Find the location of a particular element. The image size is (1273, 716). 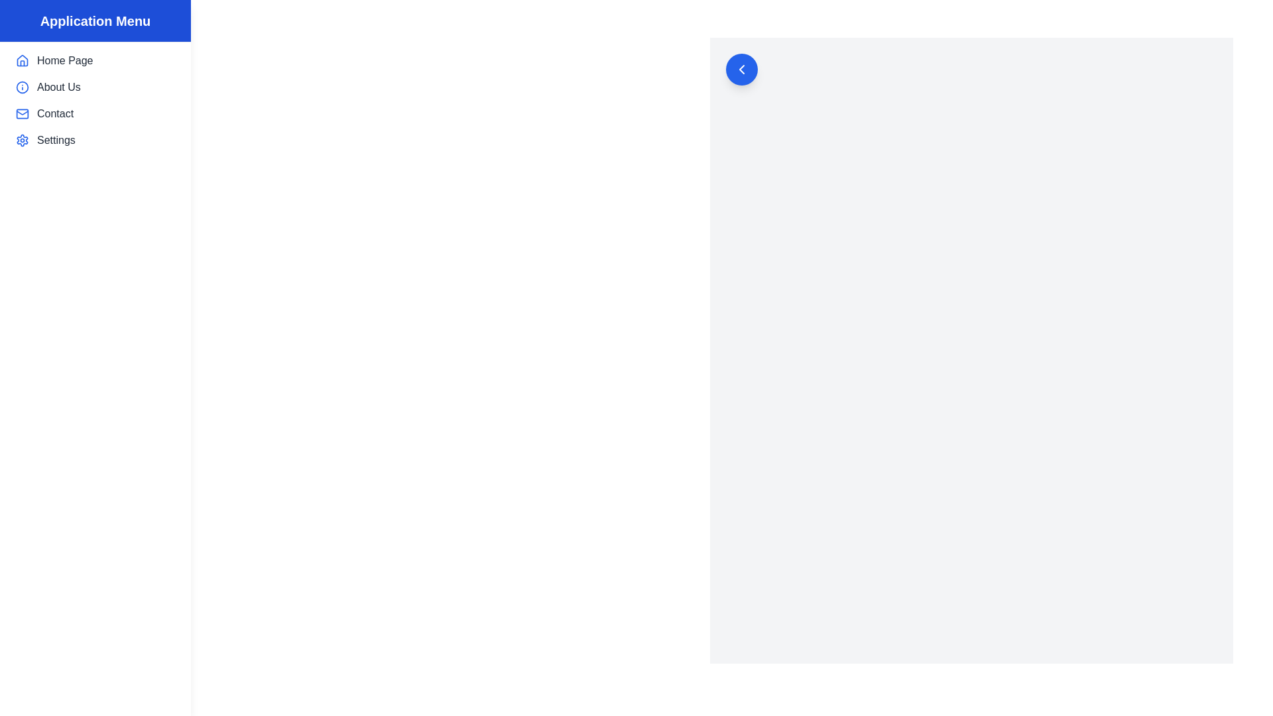

the decorative mail icon component representing the opening flap of an envelope, located to the right of the 'Contact' label in the left panel of the application menu is located at coordinates (22, 112).